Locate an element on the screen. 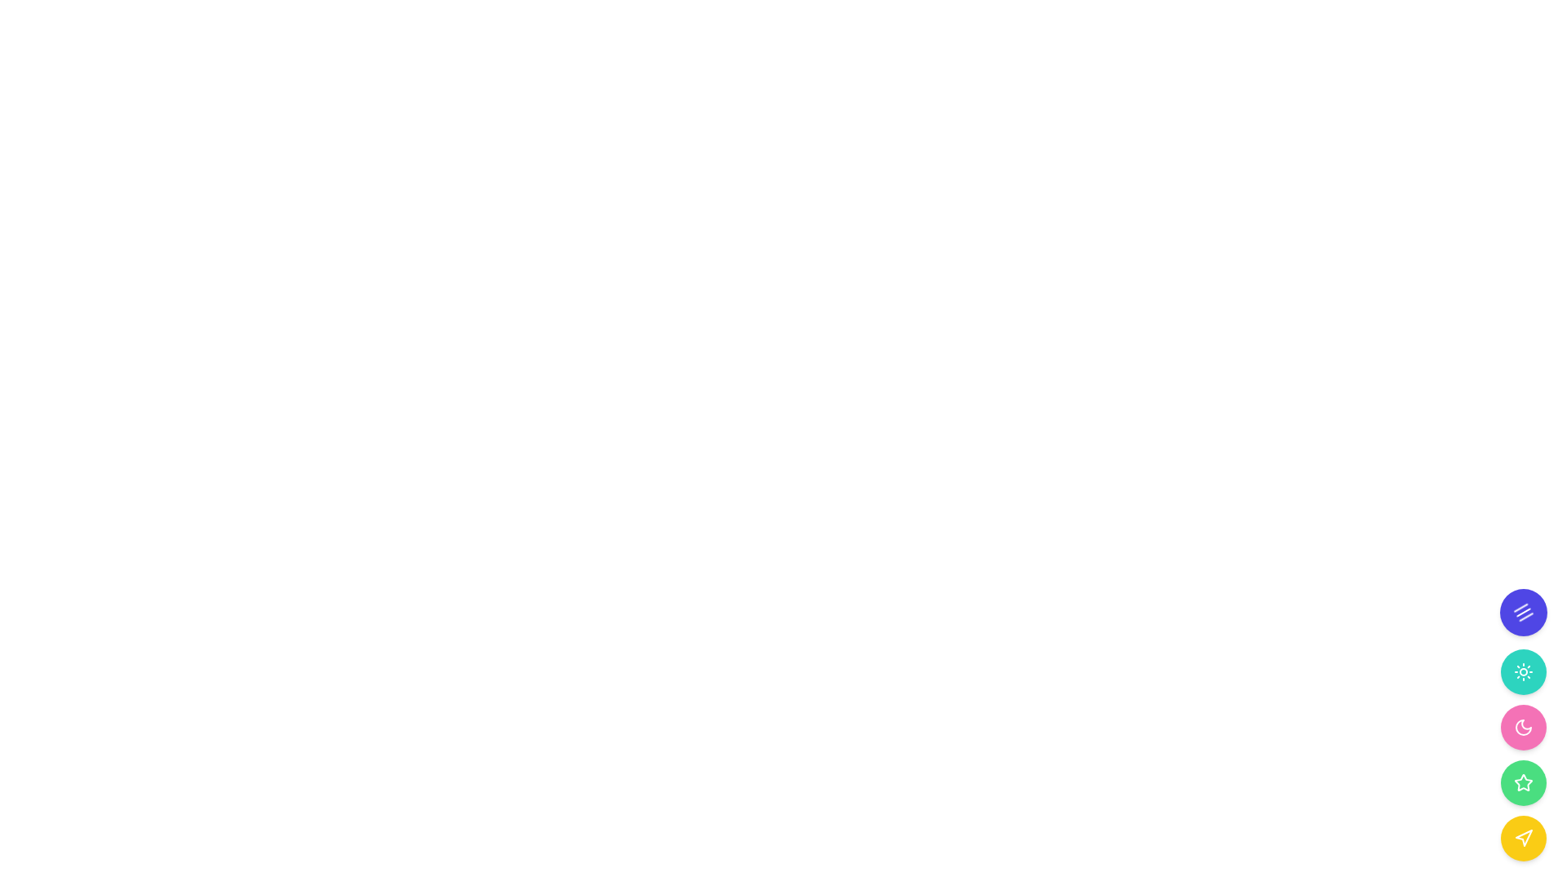  the brightness toggle button located below the blue hamburger icon button on the right side of the interface is located at coordinates (1523, 672).